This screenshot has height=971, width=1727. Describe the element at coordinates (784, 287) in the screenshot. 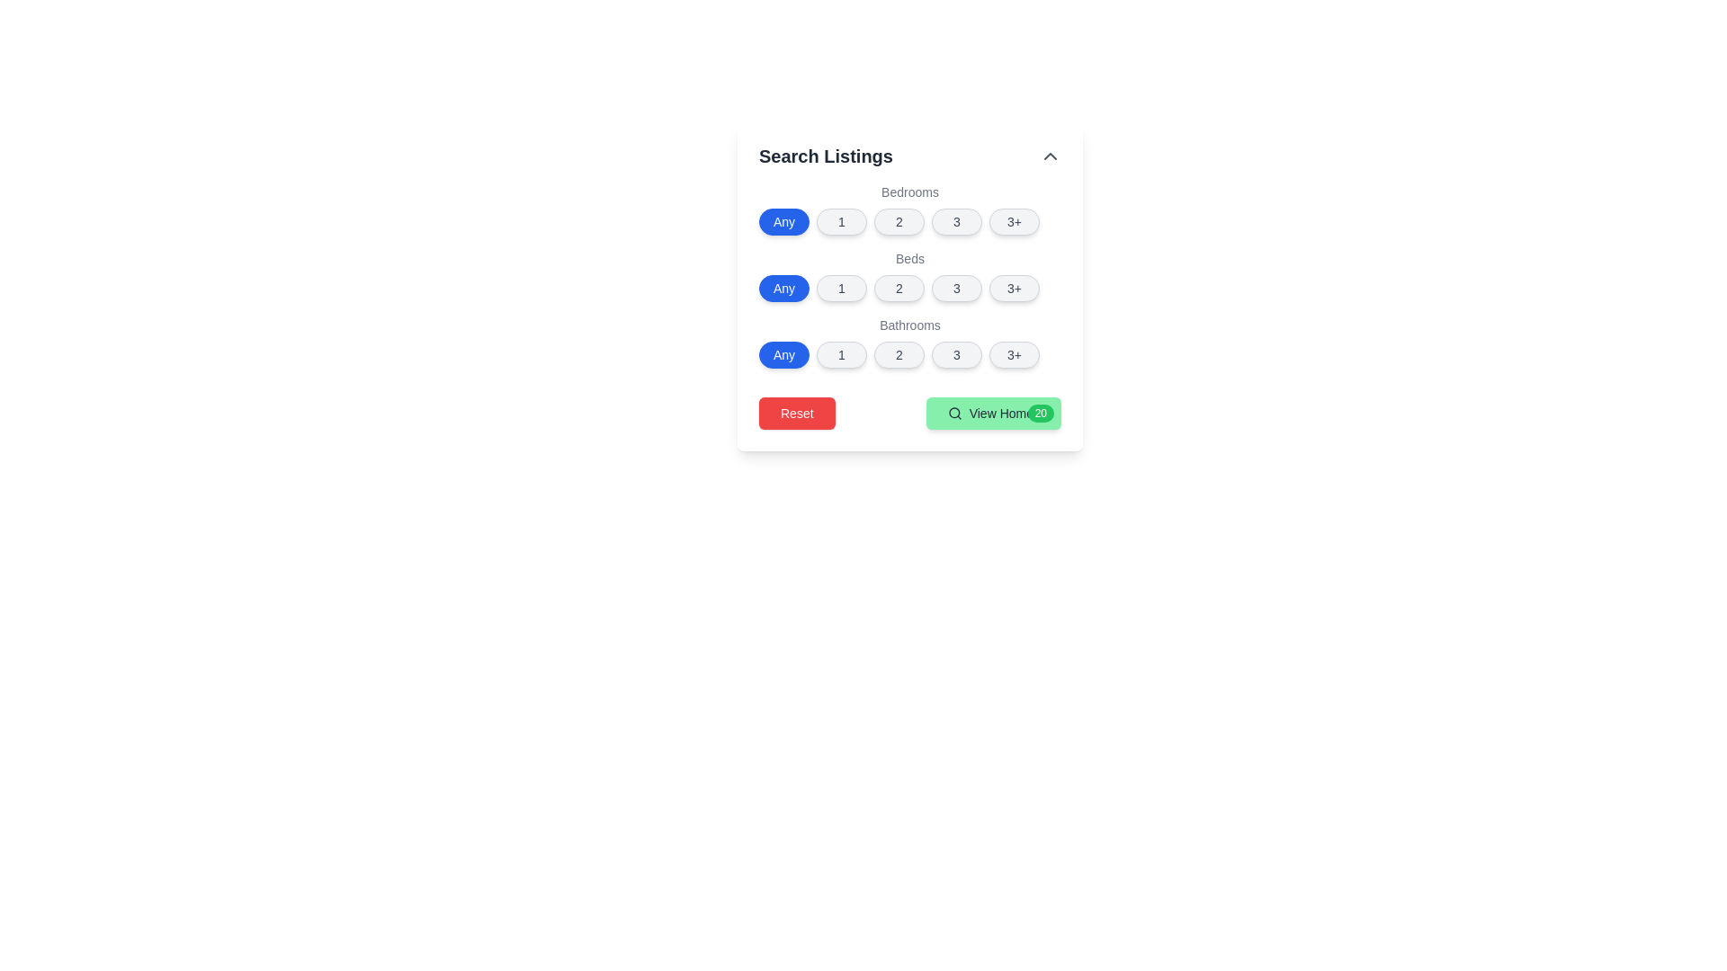

I see `the 'Any' button, which is the first button in a group of five buttons for selecting the number of beds in a property search interface, to observe its hover effects` at that location.